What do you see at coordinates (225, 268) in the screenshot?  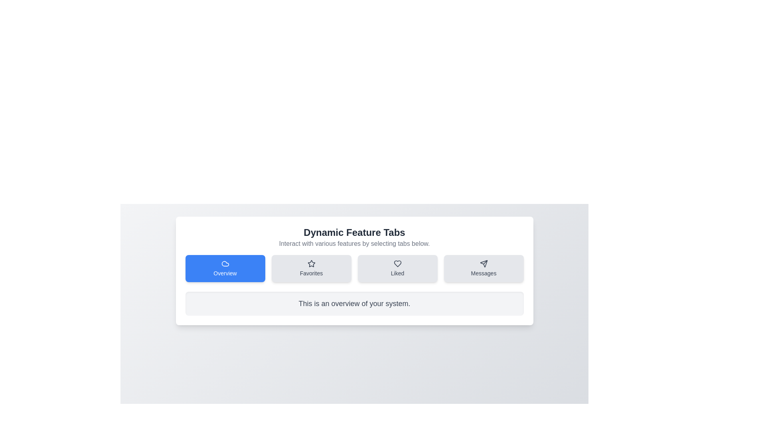 I see `the 'Overview' button, which is the first button in a horizontally aligned tab group of four buttons including 'Favorites', 'Liked', and 'Messages'` at bounding box center [225, 268].